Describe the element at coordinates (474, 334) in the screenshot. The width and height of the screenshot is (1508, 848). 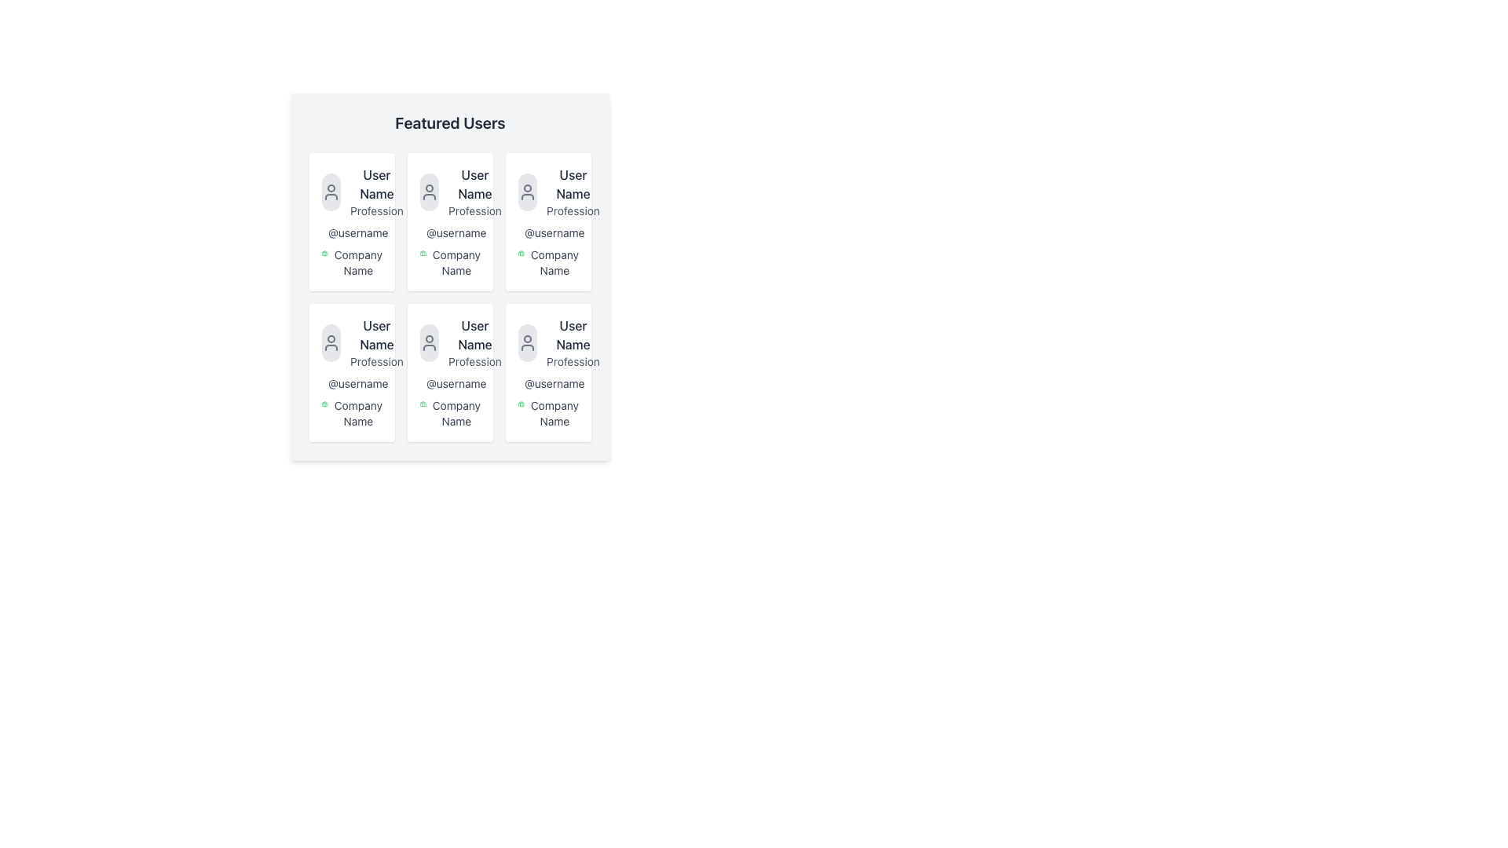
I see `the static text label displaying the user's name located in the second row, second column card of the grid layout under 'Featured Users', positioned above the 'Profession' label` at that location.